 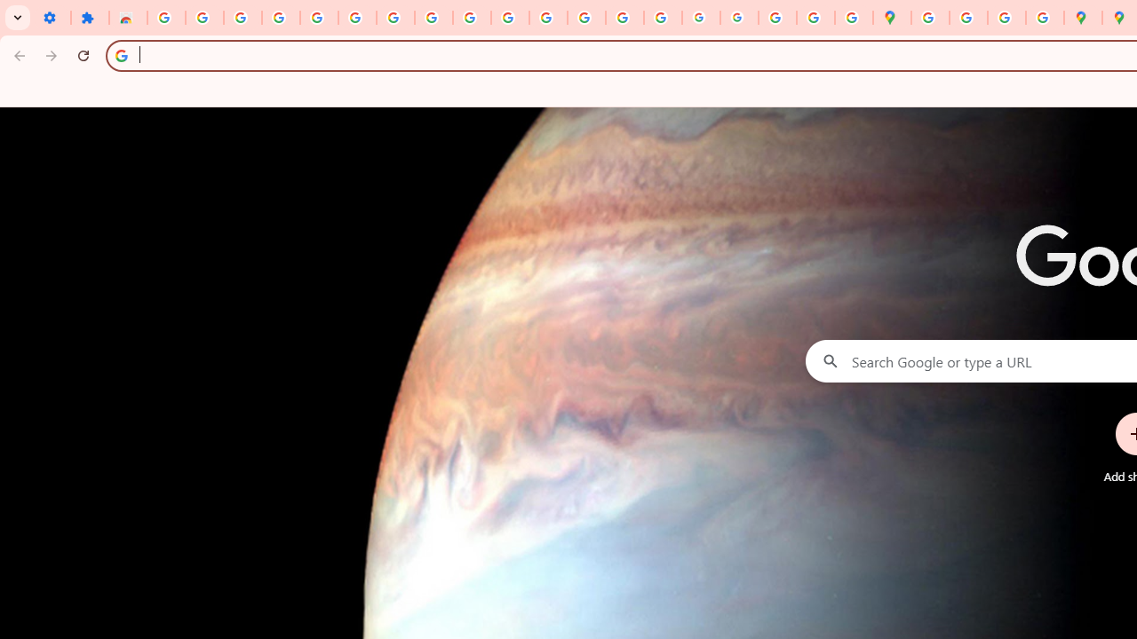 What do you see at coordinates (242, 18) in the screenshot?
I see `'Delete photos & videos - Computer - Google Photos Help'` at bounding box center [242, 18].